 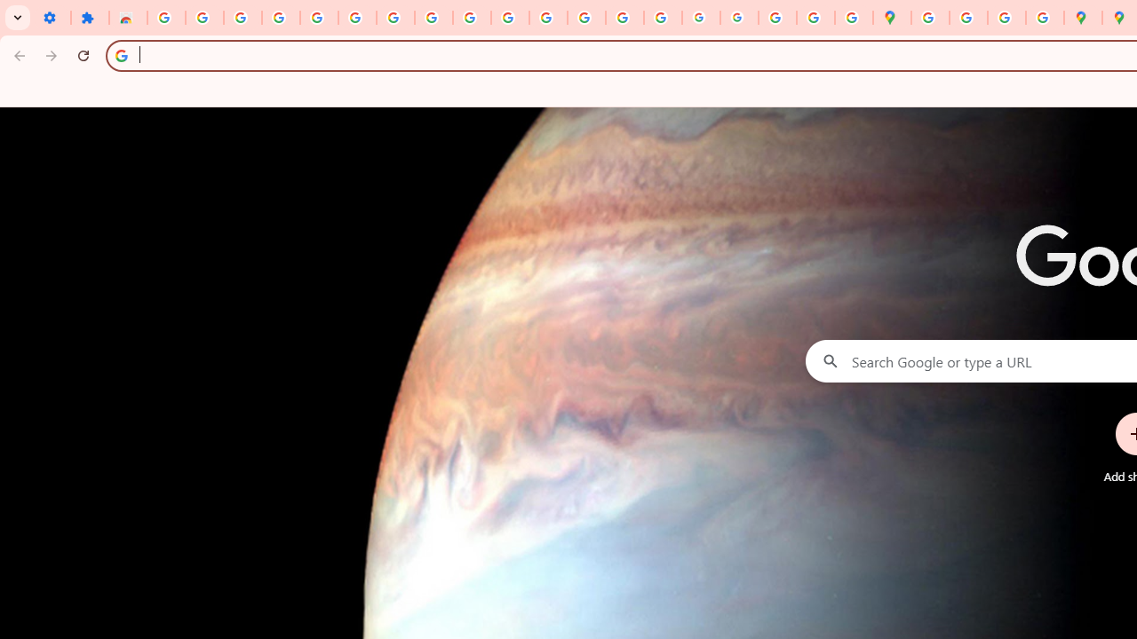 What do you see at coordinates (242, 18) in the screenshot?
I see `'Delete photos & videos - Computer - Google Photos Help'` at bounding box center [242, 18].